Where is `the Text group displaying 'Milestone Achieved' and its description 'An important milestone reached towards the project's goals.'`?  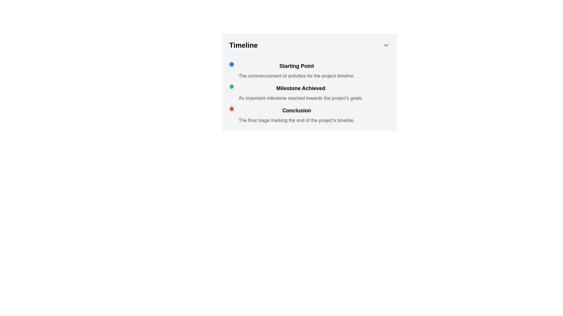 the Text group displaying 'Milestone Achieved' and its description 'An important milestone reached towards the project's goals.' is located at coordinates (301, 92).